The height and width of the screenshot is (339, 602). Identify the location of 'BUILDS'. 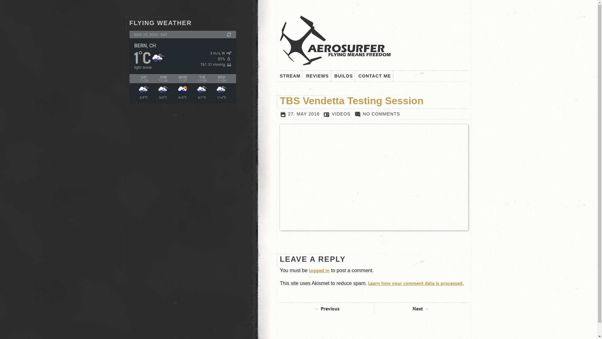
(334, 76).